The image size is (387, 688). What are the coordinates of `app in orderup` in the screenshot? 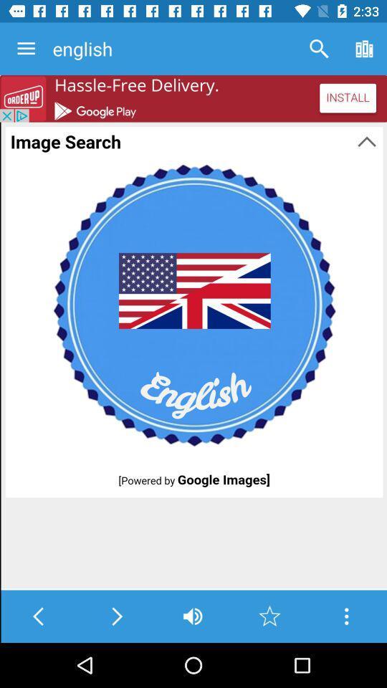 It's located at (193, 97).